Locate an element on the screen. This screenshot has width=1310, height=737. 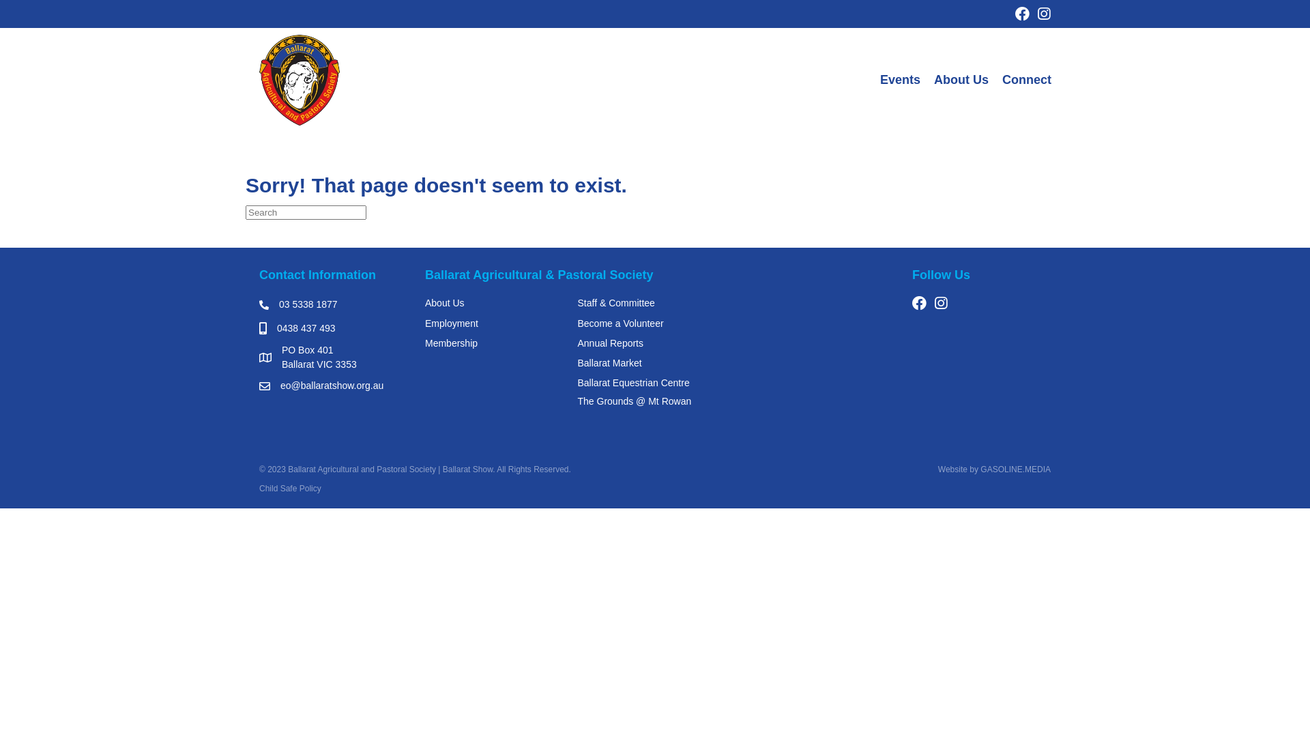
'Staff & Committee' is located at coordinates (615, 302).